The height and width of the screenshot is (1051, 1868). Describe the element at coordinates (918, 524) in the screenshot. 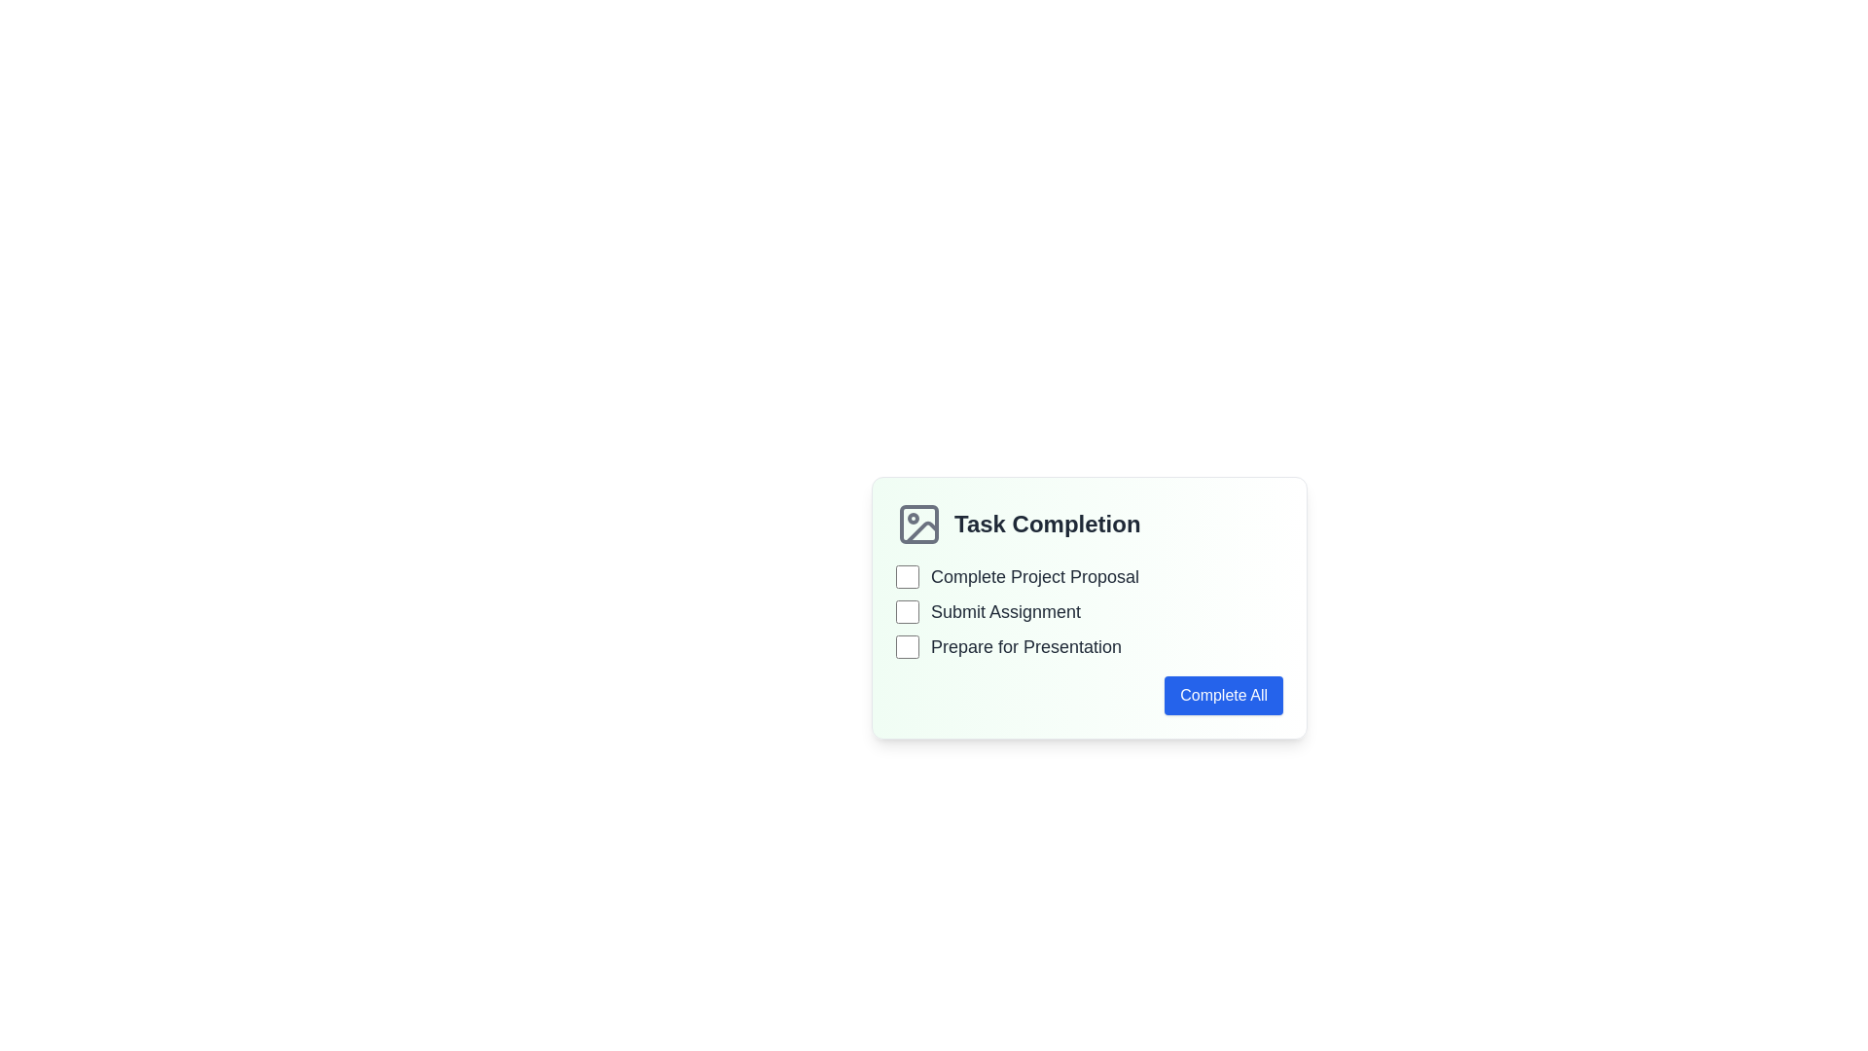

I see `the SVG Icon that is positioned to the left of the 'Task Completion' heading, serving as a decorative element for task management` at that location.